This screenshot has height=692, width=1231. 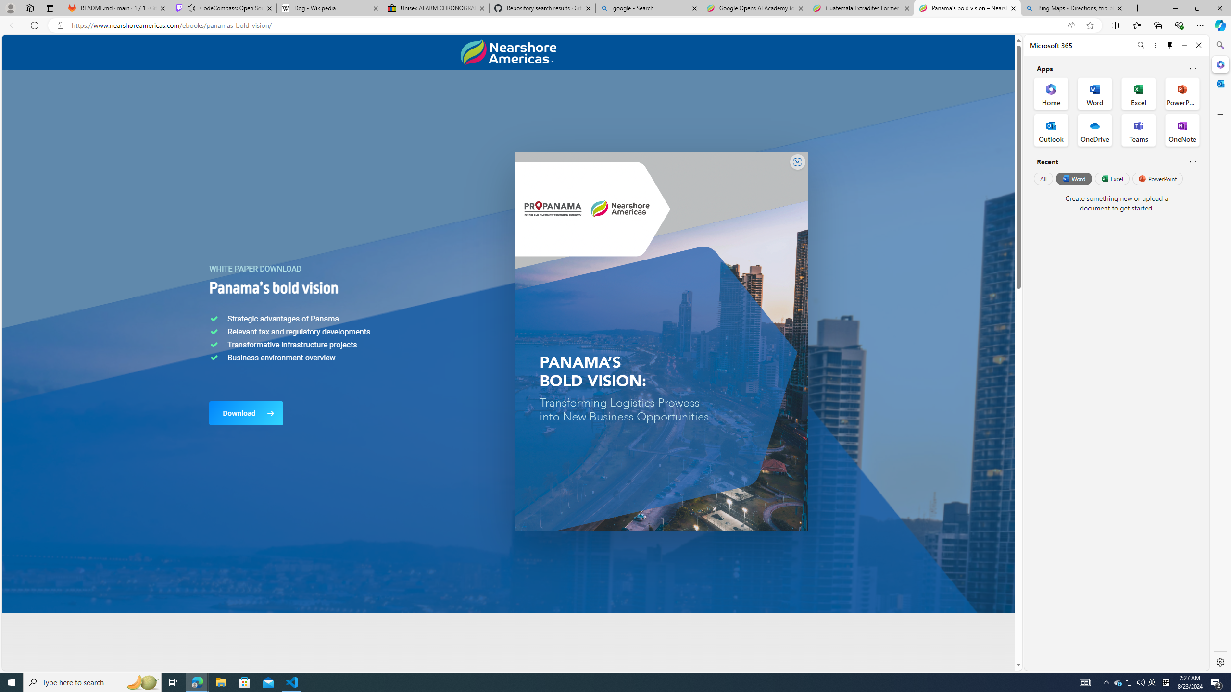 I want to click on 'Excel Office App', so click(x=1139, y=94).